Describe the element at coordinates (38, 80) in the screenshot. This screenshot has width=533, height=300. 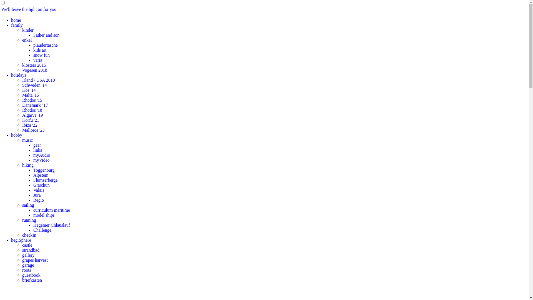
I see `'Irland / USA 2010'` at that location.